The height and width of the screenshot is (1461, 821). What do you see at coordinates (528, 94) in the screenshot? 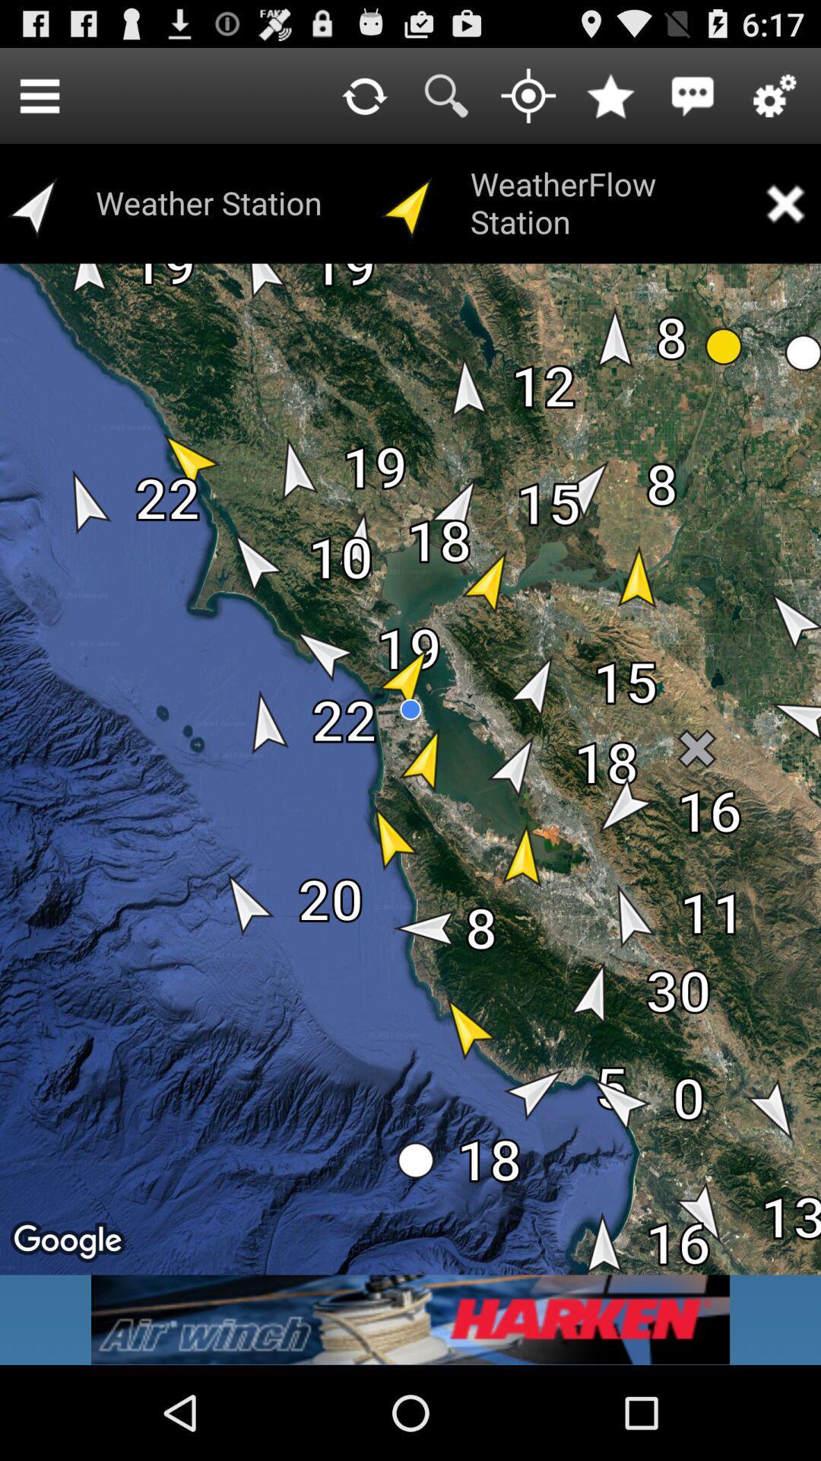
I see `current location` at bounding box center [528, 94].